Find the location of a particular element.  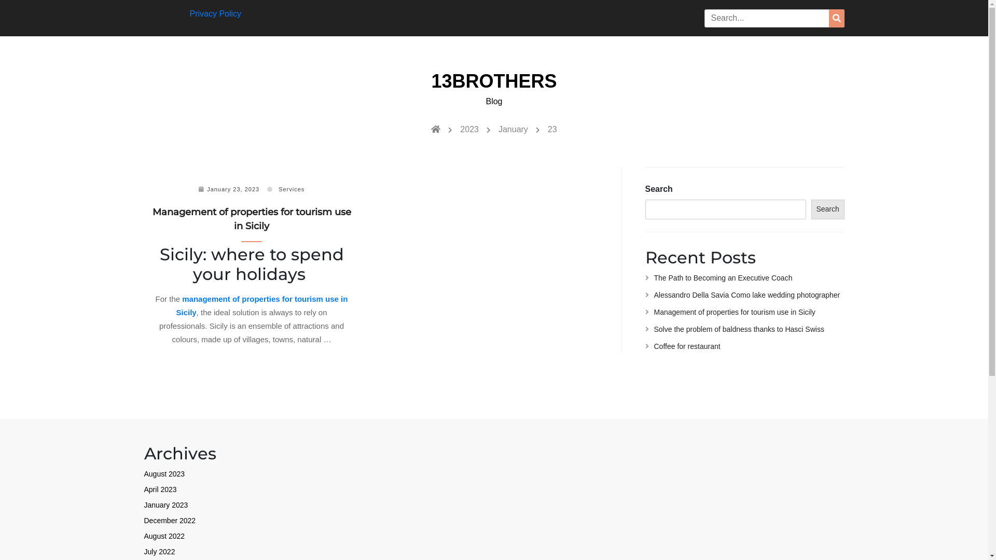

'January' is located at coordinates (513, 129).